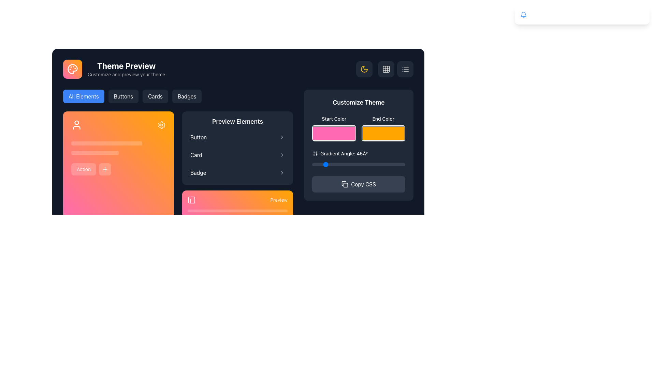 The width and height of the screenshot is (655, 368). What do you see at coordinates (358, 102) in the screenshot?
I see `the 'Customize Theme' text header, which is a large and bold font located at the top of the settings panel on the right side of the interface` at bounding box center [358, 102].